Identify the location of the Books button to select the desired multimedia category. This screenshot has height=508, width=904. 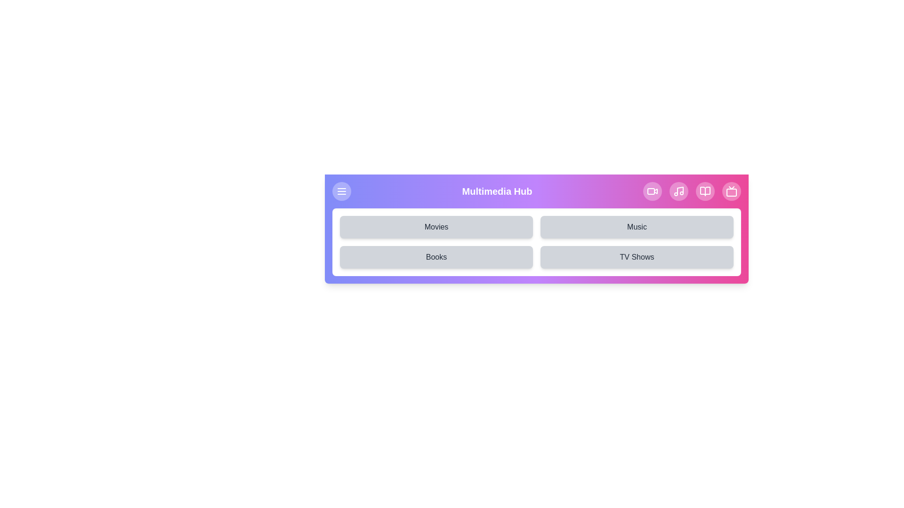
(436, 257).